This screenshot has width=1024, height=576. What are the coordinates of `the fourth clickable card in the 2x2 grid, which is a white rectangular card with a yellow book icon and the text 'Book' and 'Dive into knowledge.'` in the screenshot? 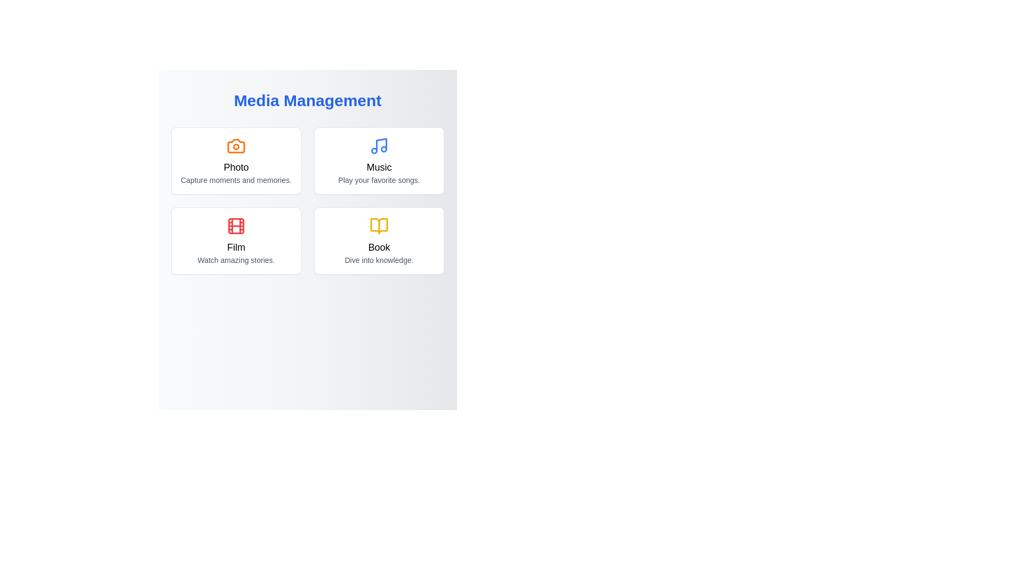 It's located at (379, 241).